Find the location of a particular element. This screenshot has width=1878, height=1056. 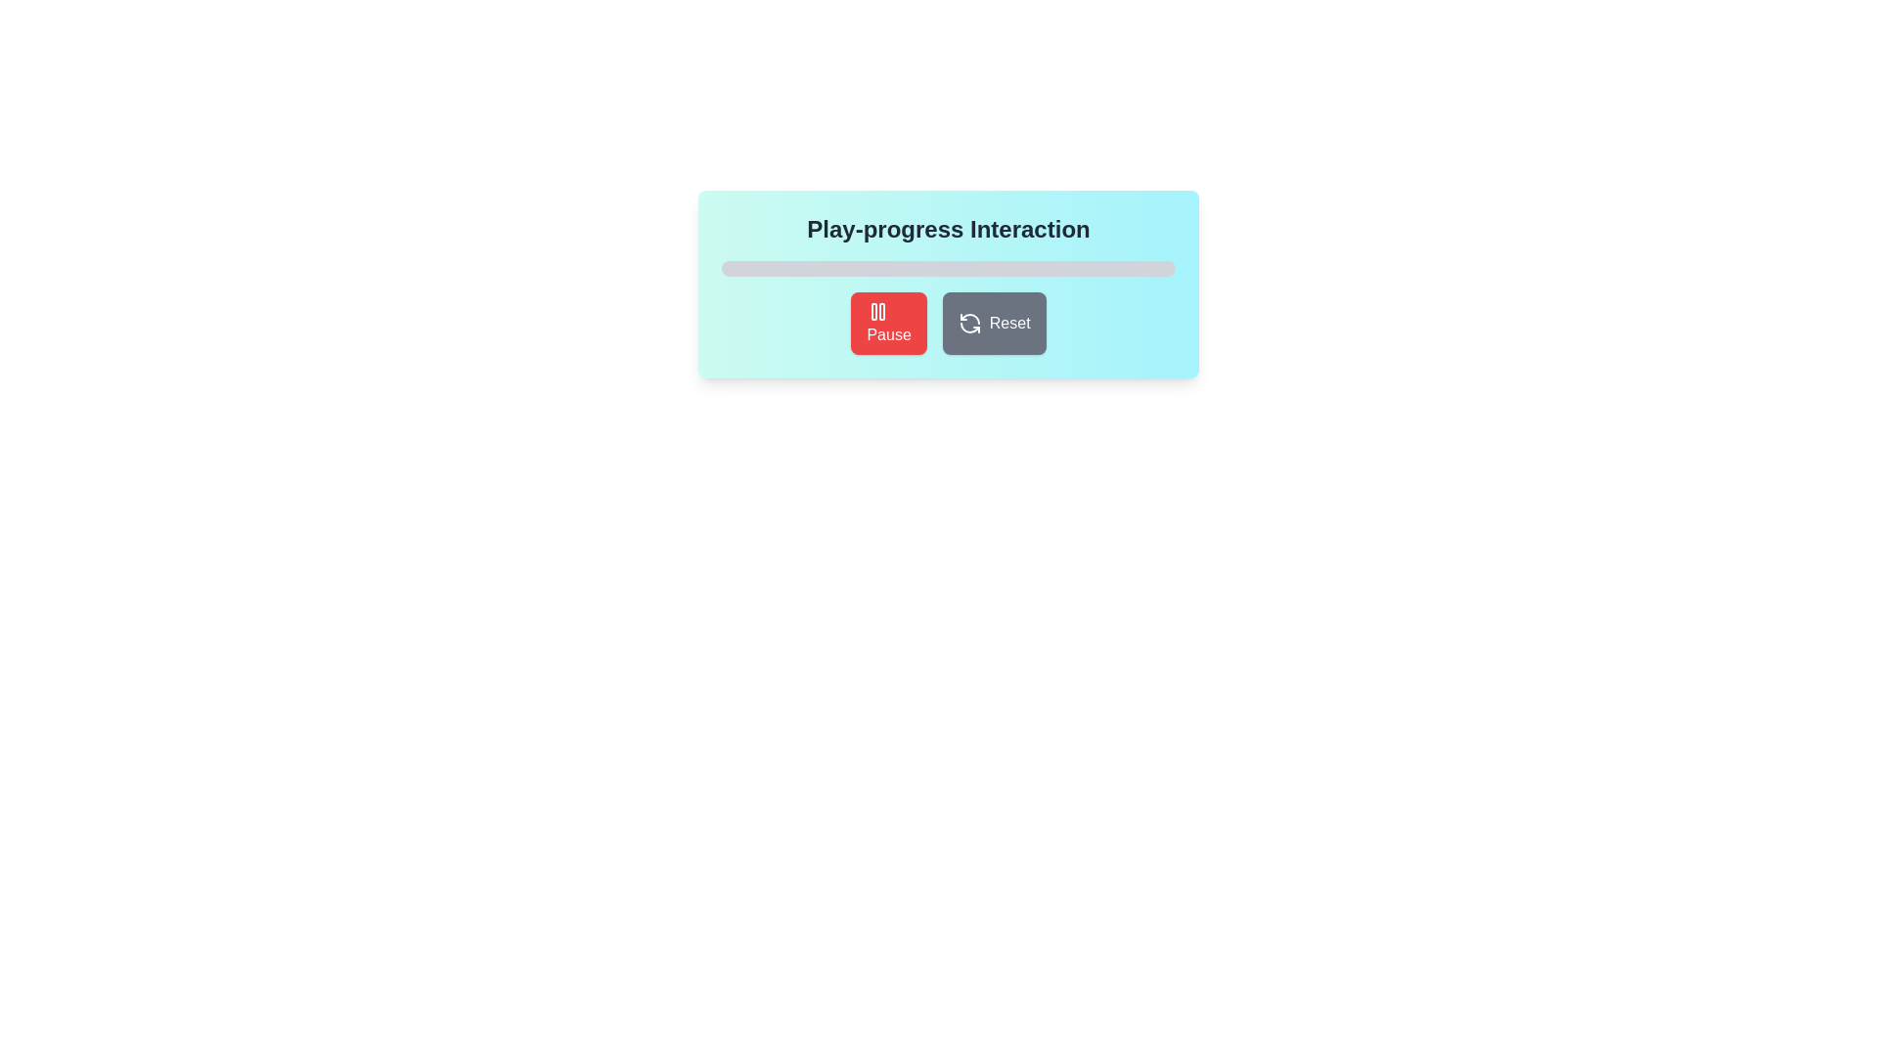

the progress bar located below the title 'Play-progress Interaction' and above the buttons 'Pause' and 'Reset' is located at coordinates (948, 268).